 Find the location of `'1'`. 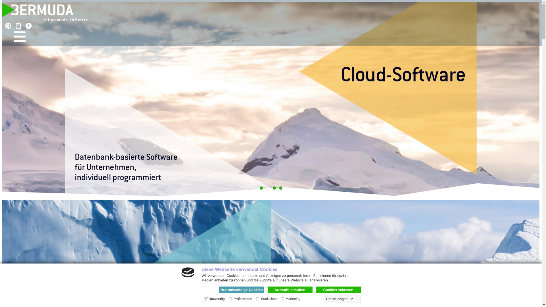

'1' is located at coordinates (260, 188).